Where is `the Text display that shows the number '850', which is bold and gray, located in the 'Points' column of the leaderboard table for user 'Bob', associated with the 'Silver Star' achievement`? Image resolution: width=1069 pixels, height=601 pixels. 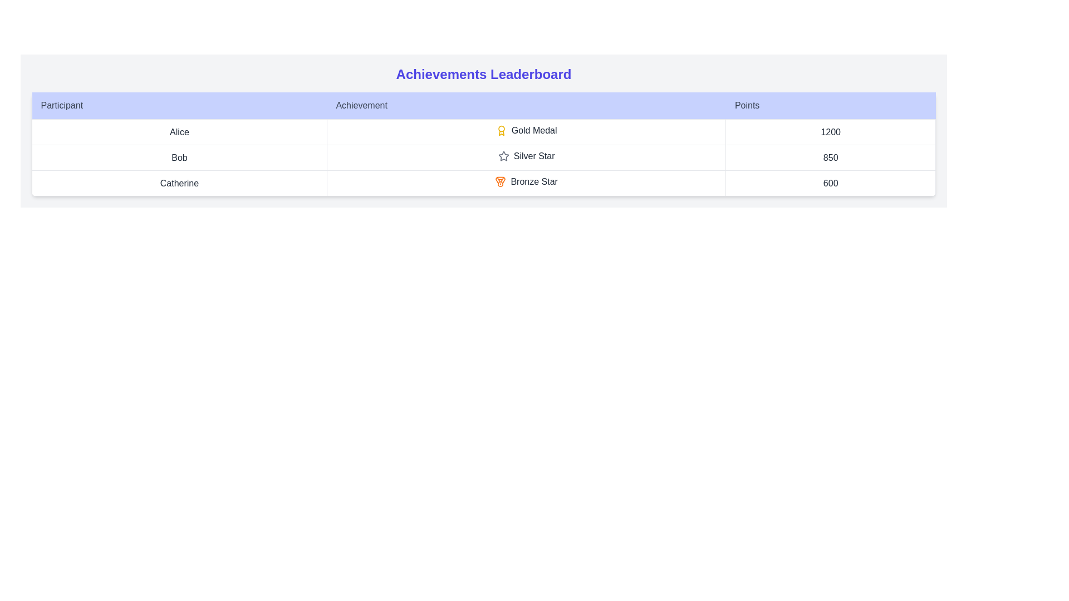 the Text display that shows the number '850', which is bold and gray, located in the 'Points' column of the leaderboard table for user 'Bob', associated with the 'Silver Star' achievement is located at coordinates (831, 157).